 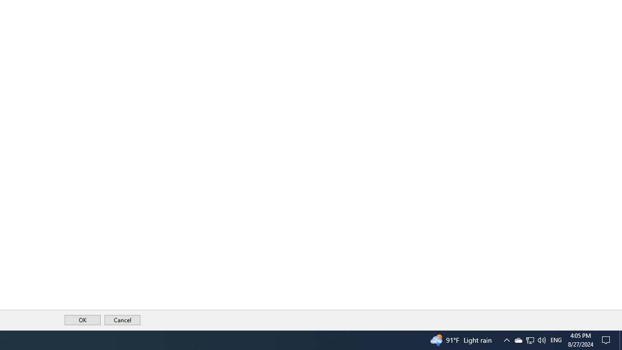 What do you see at coordinates (530, 339) in the screenshot?
I see `'Q2790: 100%'` at bounding box center [530, 339].